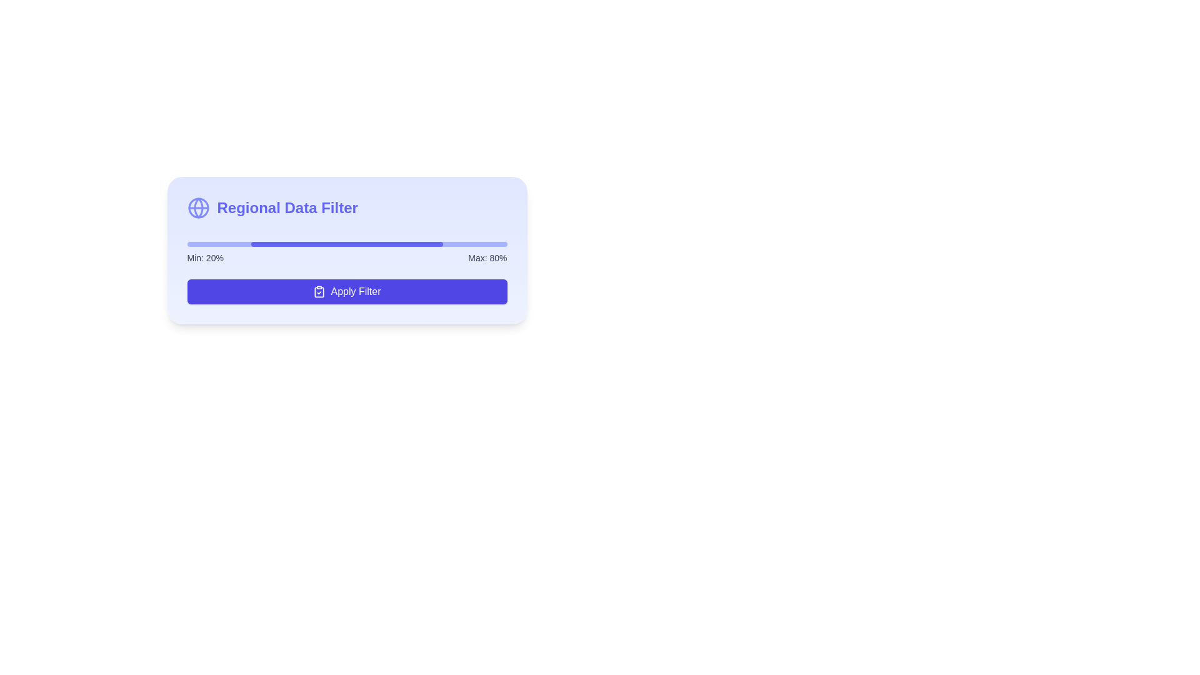  I want to click on the 'Regional Data Filter' text label, which is styled in bold and is likely a header, positioned to the right of a globe icon in the upper section of the interface, so click(287, 207).